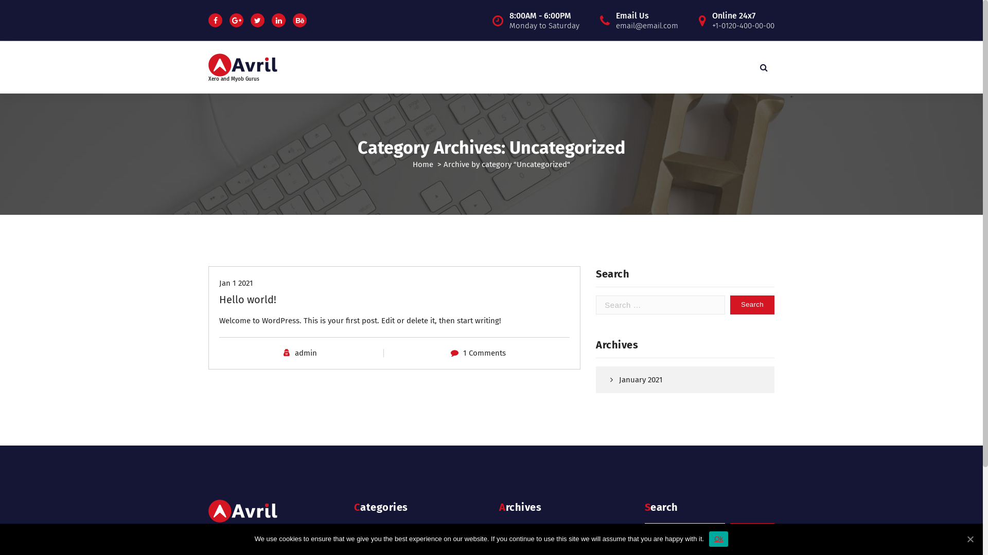 The image size is (988, 555). Describe the element at coordinates (681, 380) in the screenshot. I see `'January 2021'` at that location.